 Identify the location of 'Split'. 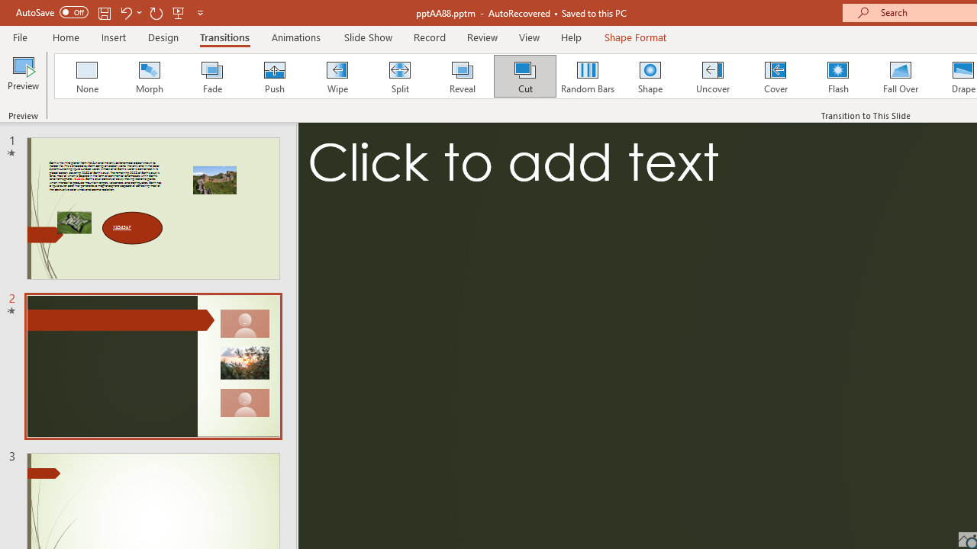
(399, 76).